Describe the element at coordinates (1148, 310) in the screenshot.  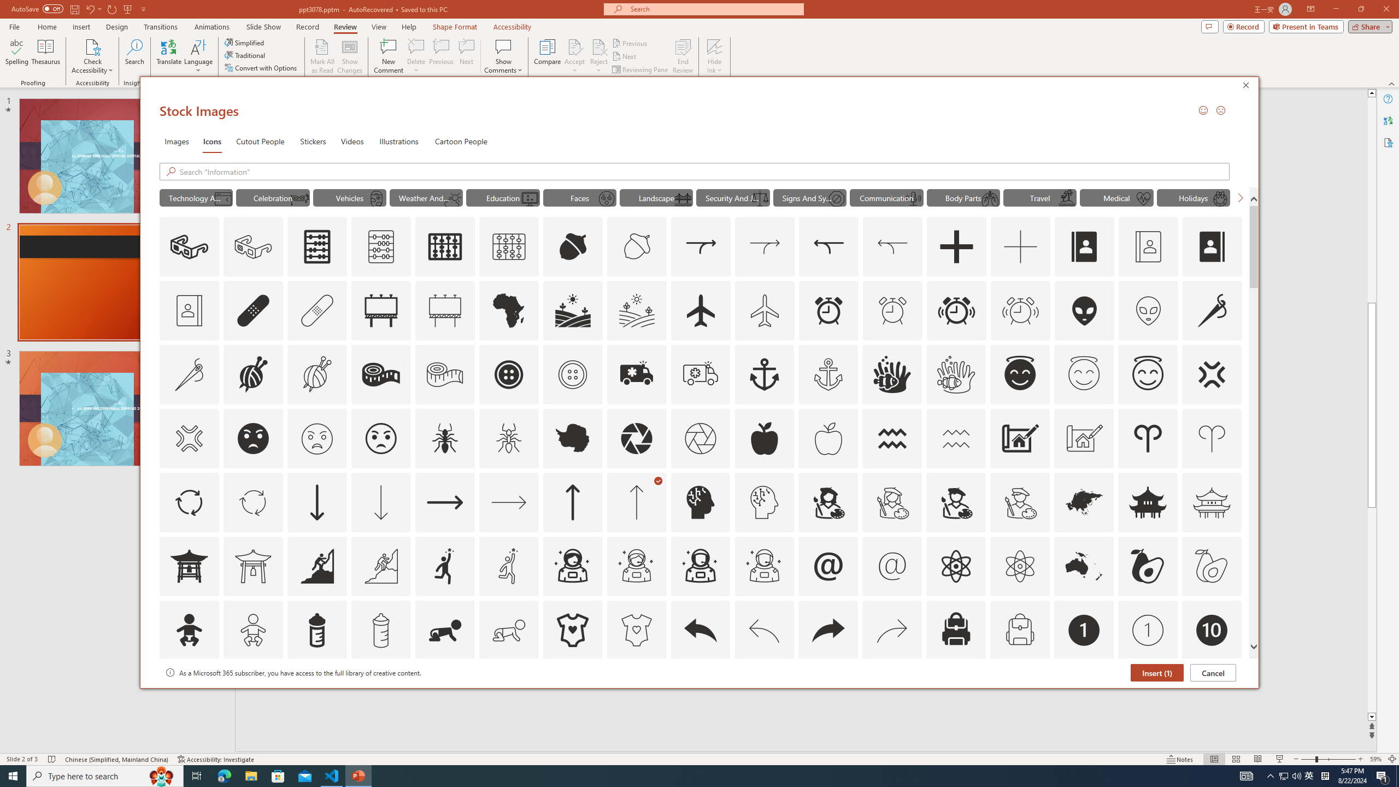
I see `'AutomationID: Icons_AlienFace_M'` at that location.